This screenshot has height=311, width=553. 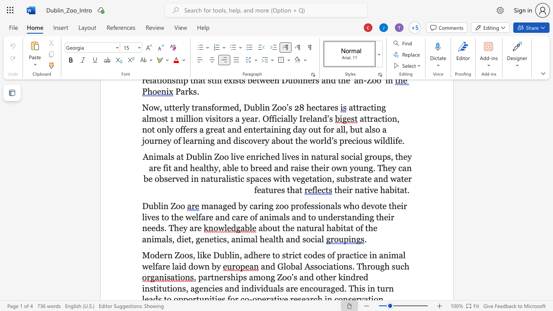 I want to click on the space between the continuous character "b" and "l" in the text, so click(x=158, y=206).